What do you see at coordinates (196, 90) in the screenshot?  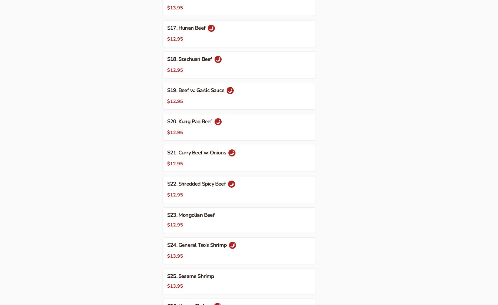 I see `'S19. Beef w. Garlic Sauce'` at bounding box center [196, 90].